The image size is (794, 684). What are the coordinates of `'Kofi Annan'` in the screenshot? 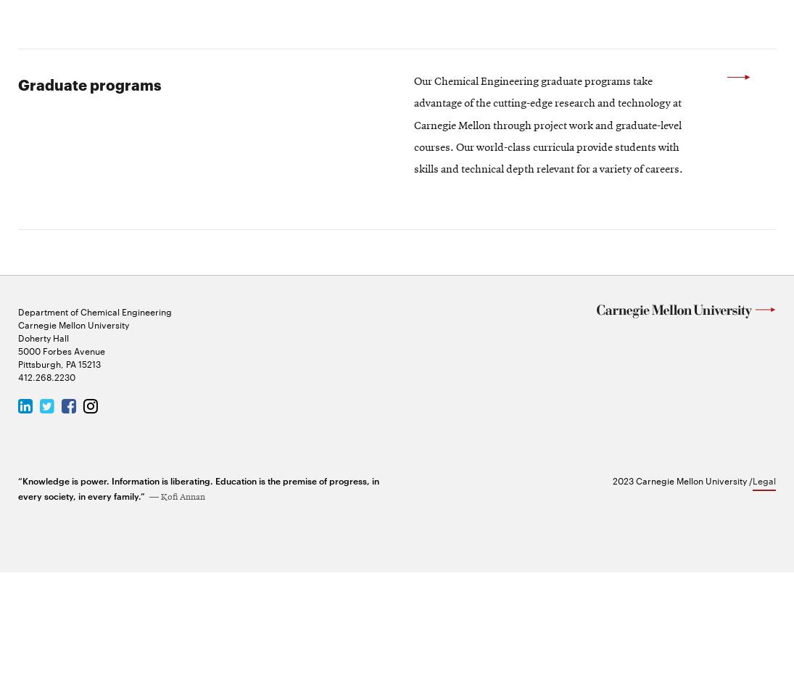 It's located at (183, 609).